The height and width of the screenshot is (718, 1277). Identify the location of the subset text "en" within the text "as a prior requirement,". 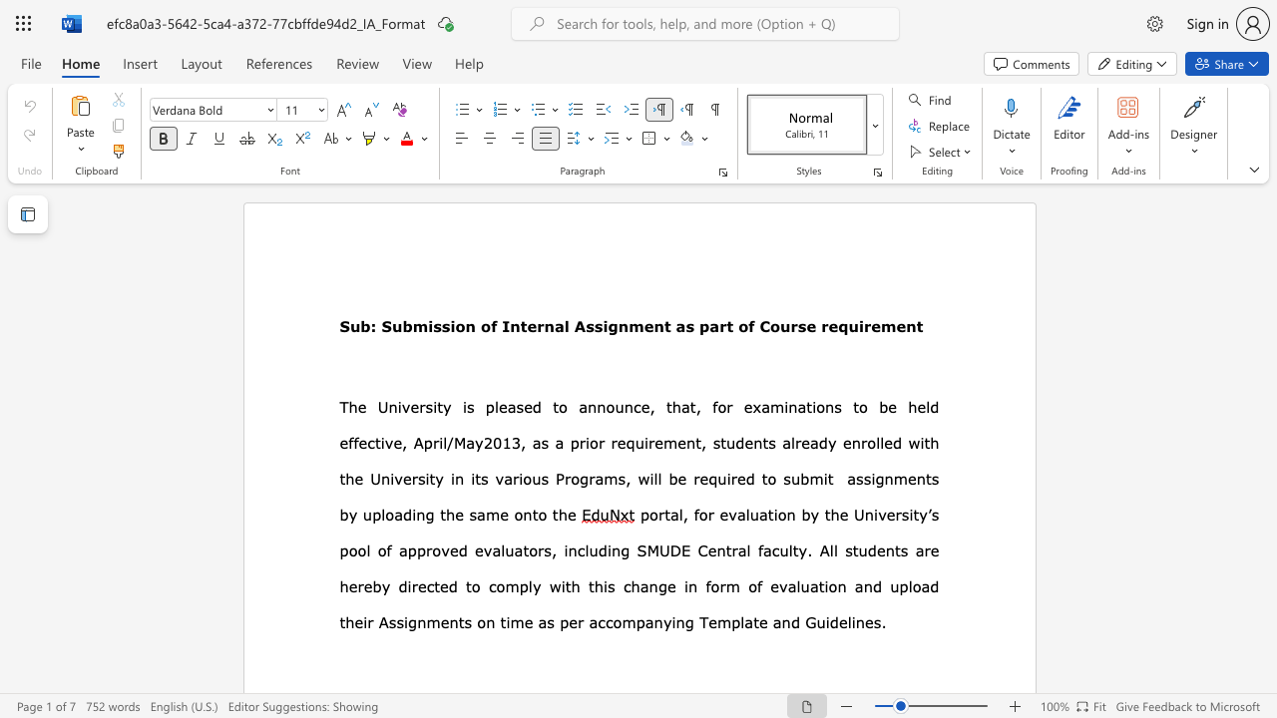
(677, 442).